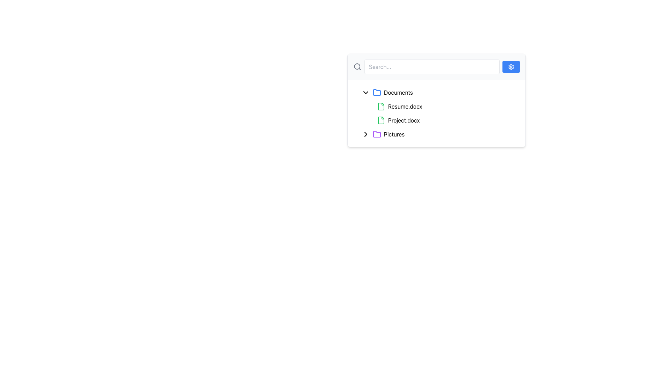 The width and height of the screenshot is (669, 376). What do you see at coordinates (439, 120) in the screenshot?
I see `on the file entry named 'Project.docx' in the hierarchical file system viewer` at bounding box center [439, 120].